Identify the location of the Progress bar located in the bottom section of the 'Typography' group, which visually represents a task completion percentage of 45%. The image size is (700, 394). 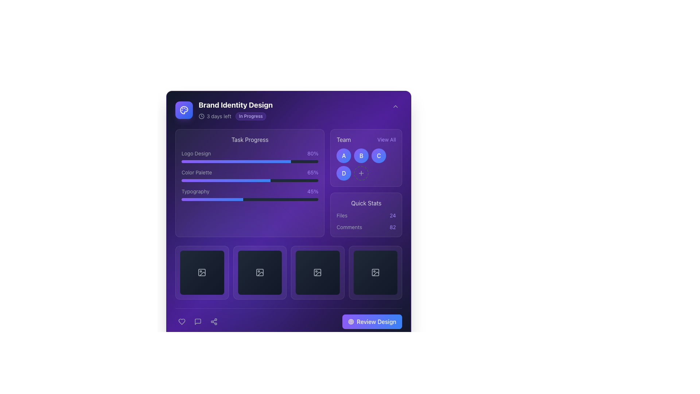
(250, 200).